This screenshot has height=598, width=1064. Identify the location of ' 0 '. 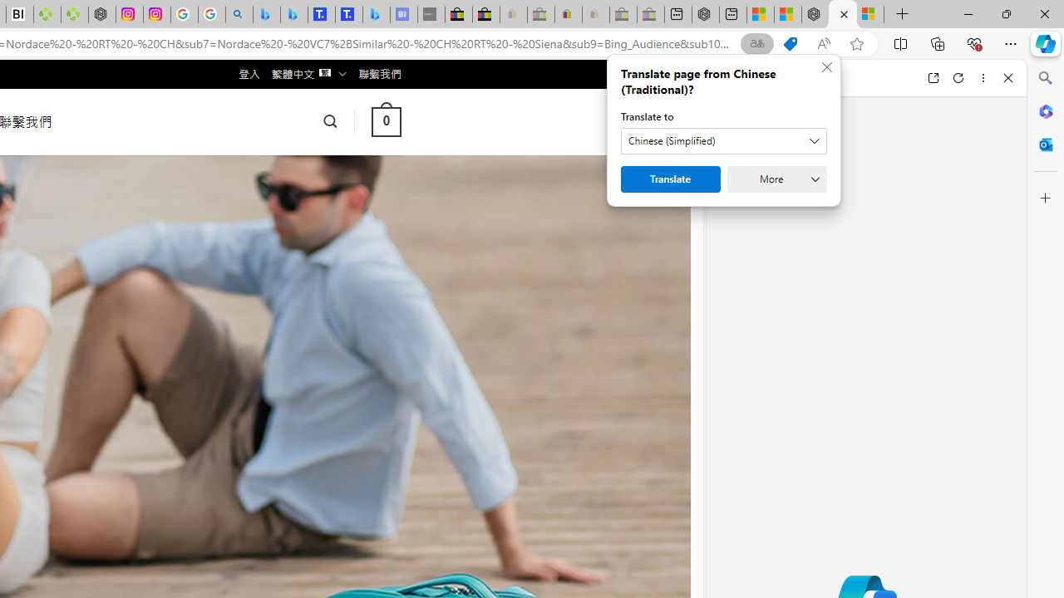
(385, 120).